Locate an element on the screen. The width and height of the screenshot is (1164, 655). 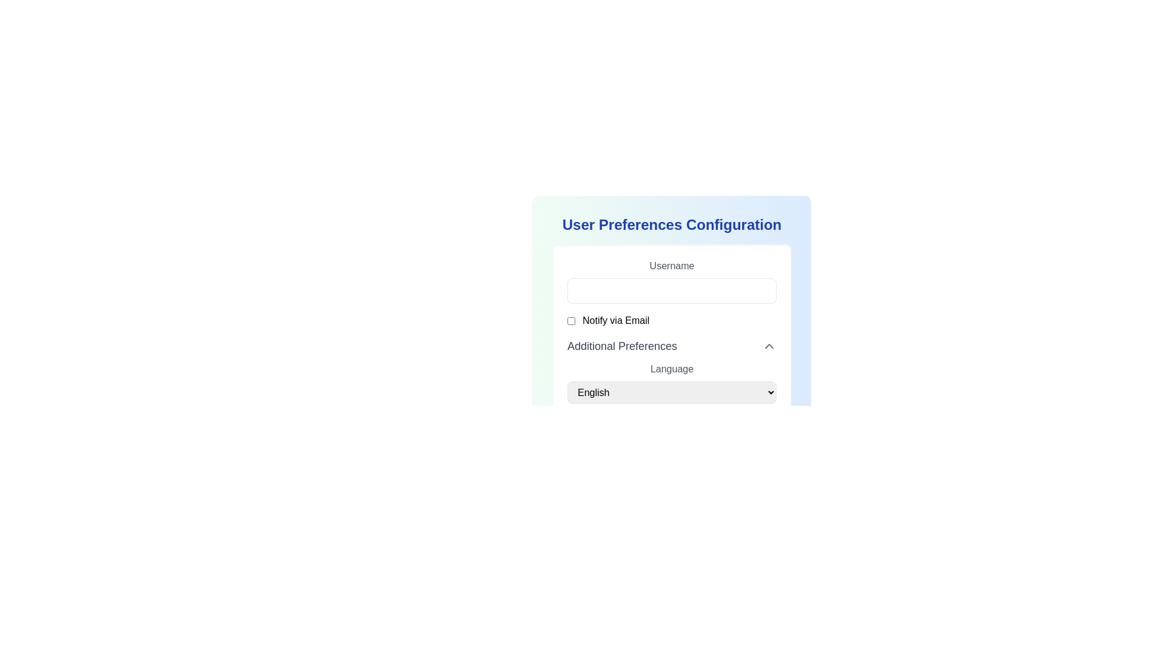
the upward-pointing chevron icon (Chevron-Up) next to the 'Additional Preferences' section header is located at coordinates (768, 346).